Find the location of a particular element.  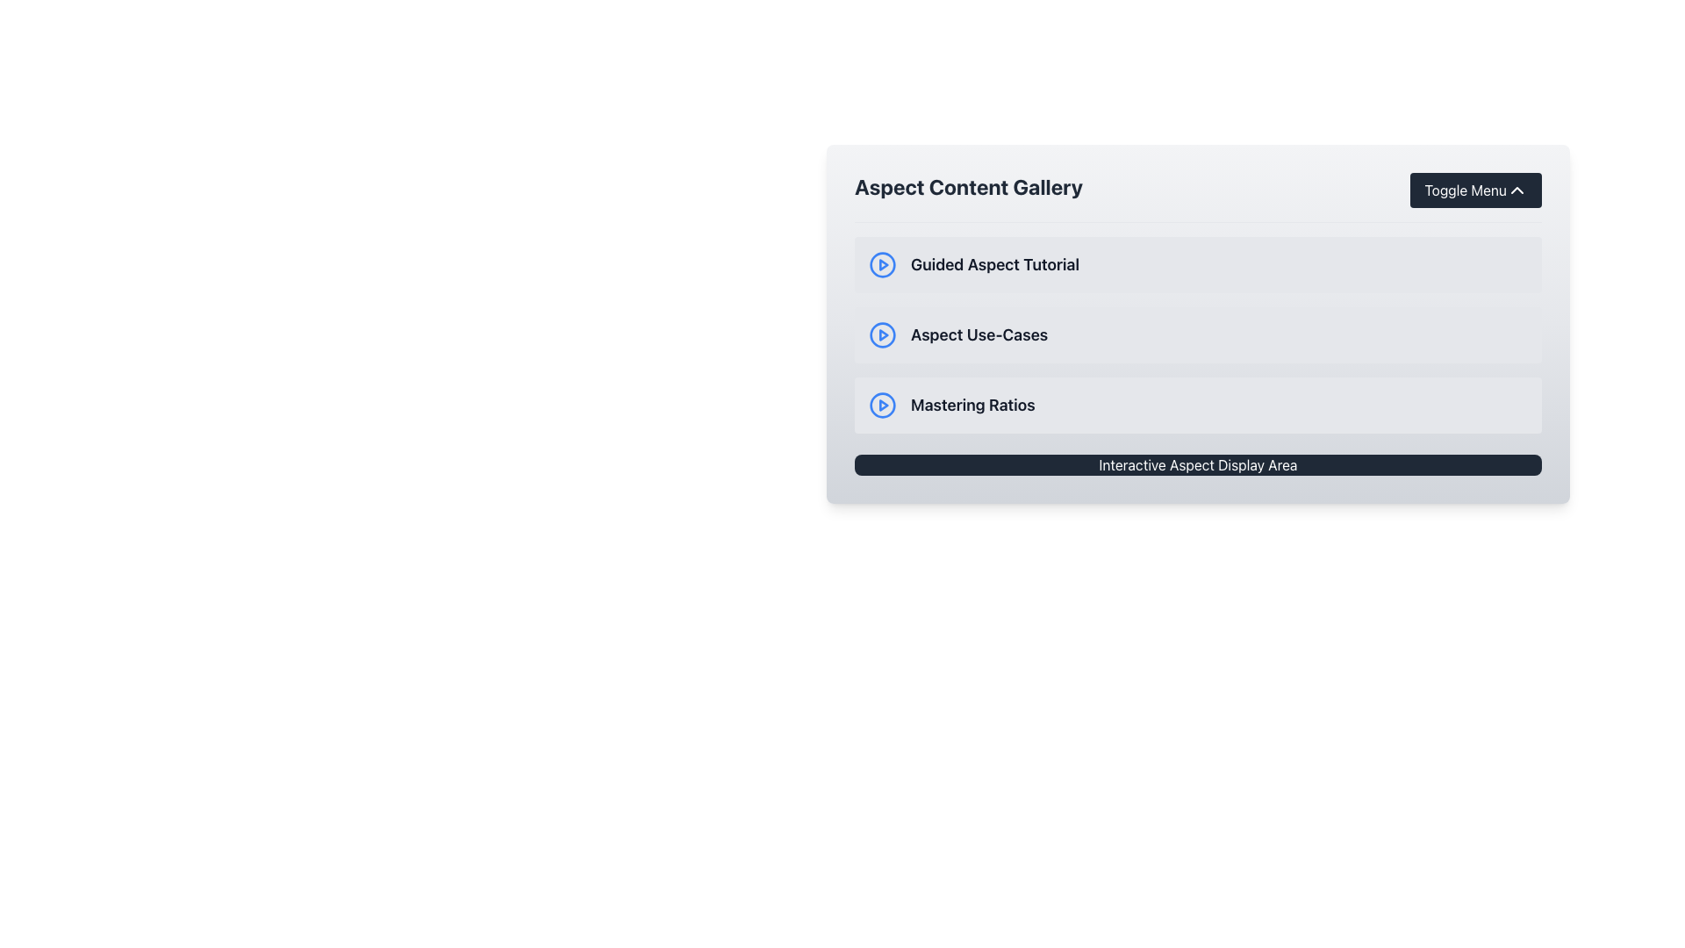

the 'Toggle Menu' button, which is dark gray with white text and located on the top-right side of the header section is located at coordinates (1475, 190).